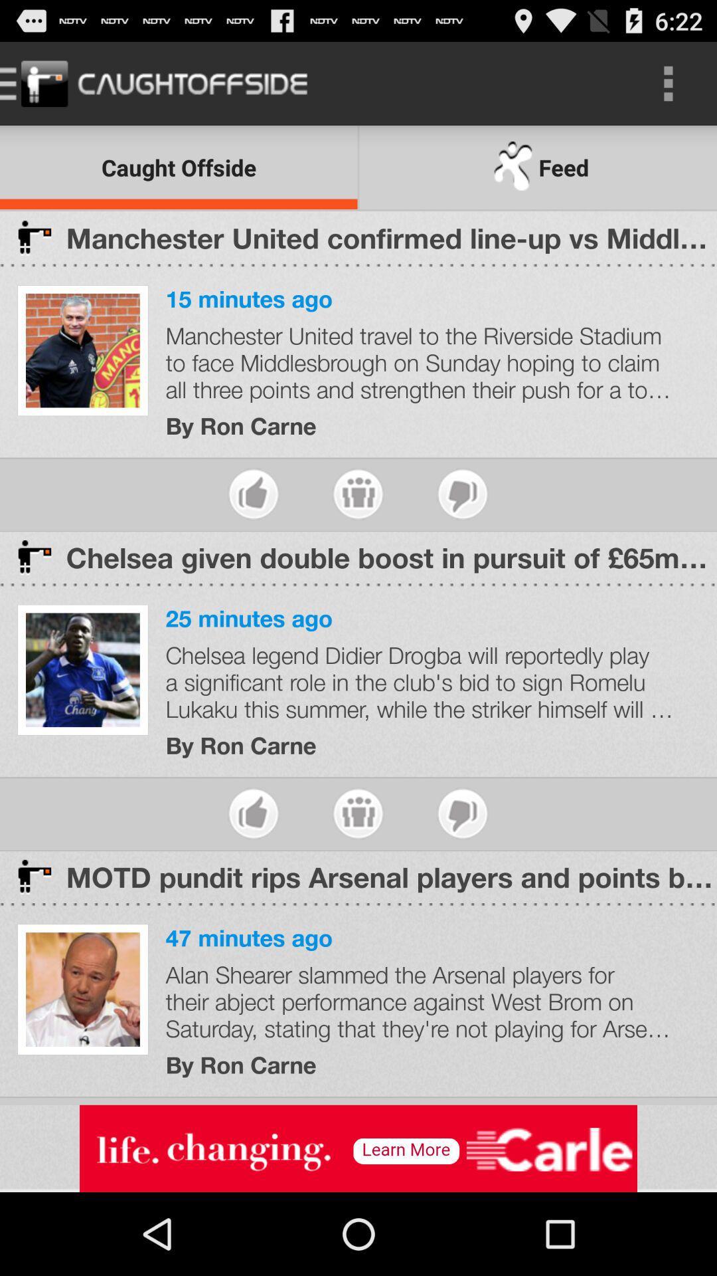  Describe the element at coordinates (358, 1148) in the screenshot. I see `advertisement` at that location.